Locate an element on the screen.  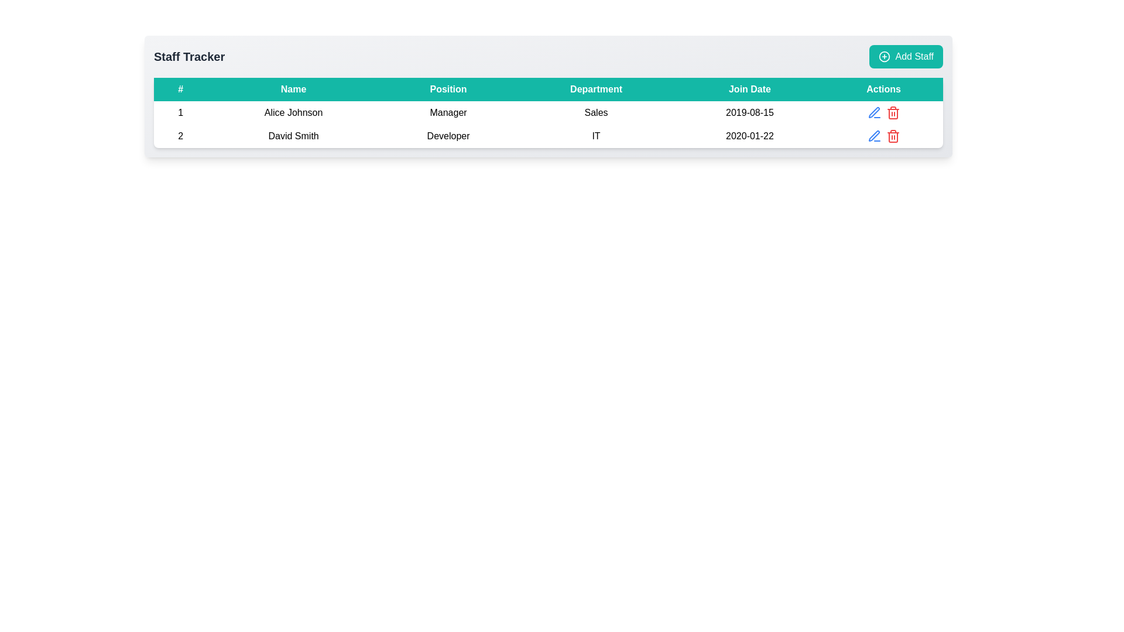
the circular teal and white plus icon located inside the 'Add Staff' button, positioned to the left of the button's text label is located at coordinates (885, 56).